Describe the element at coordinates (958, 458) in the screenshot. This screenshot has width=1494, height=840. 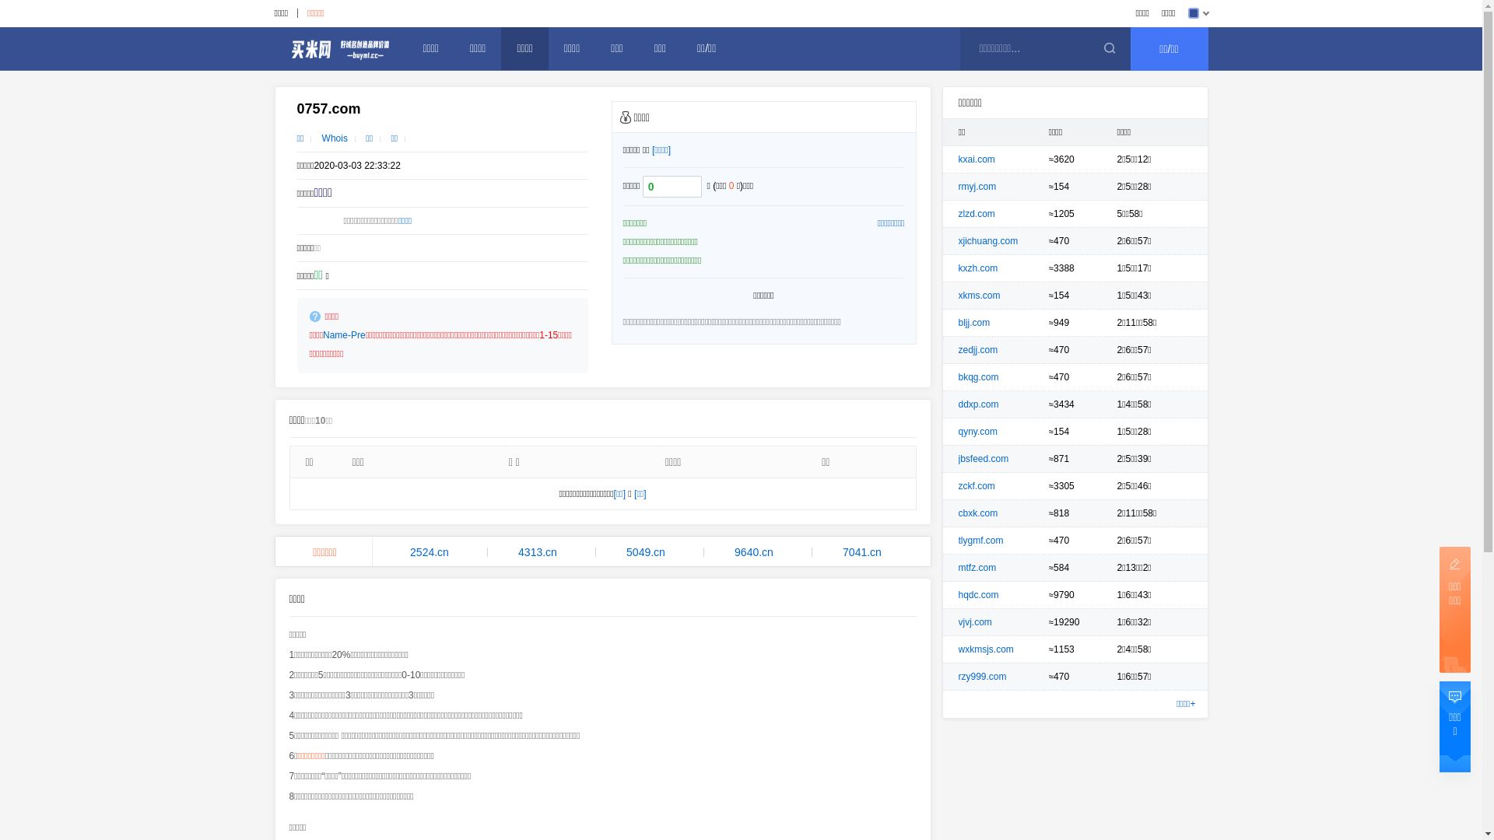
I see `'jbsfeed.com'` at that location.